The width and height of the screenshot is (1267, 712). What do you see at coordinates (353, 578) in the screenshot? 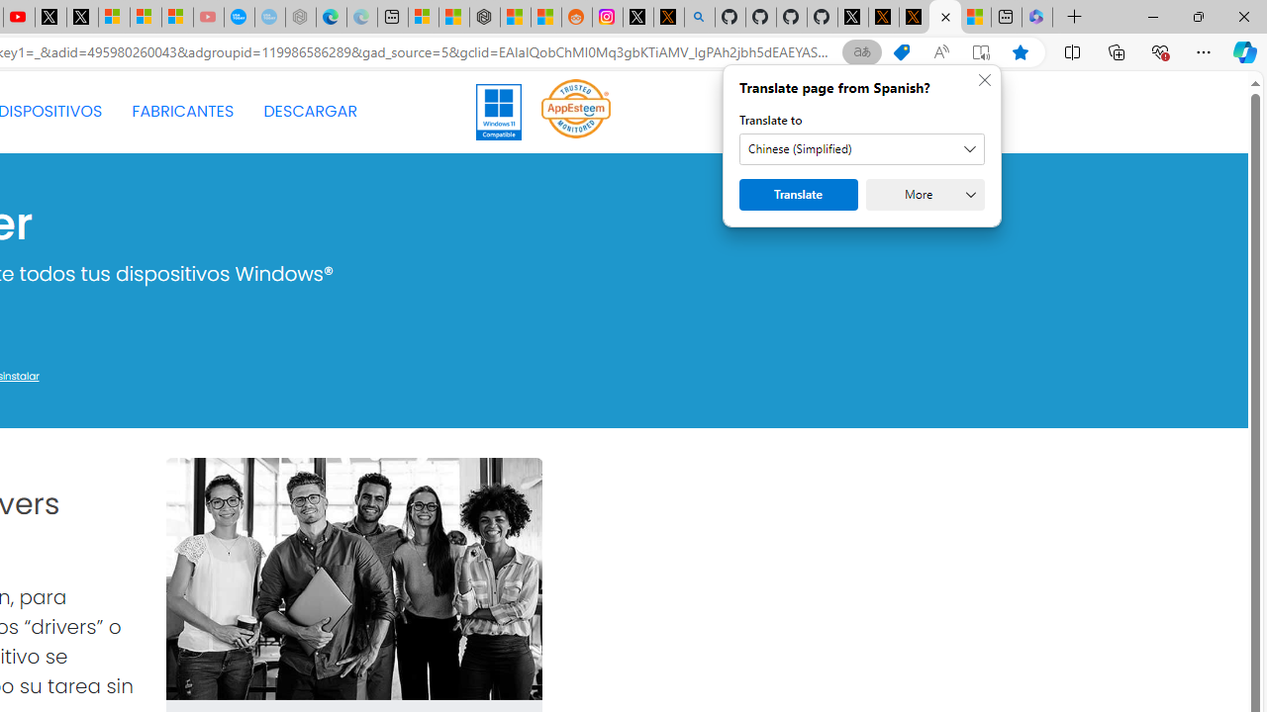
I see `'team'` at bounding box center [353, 578].